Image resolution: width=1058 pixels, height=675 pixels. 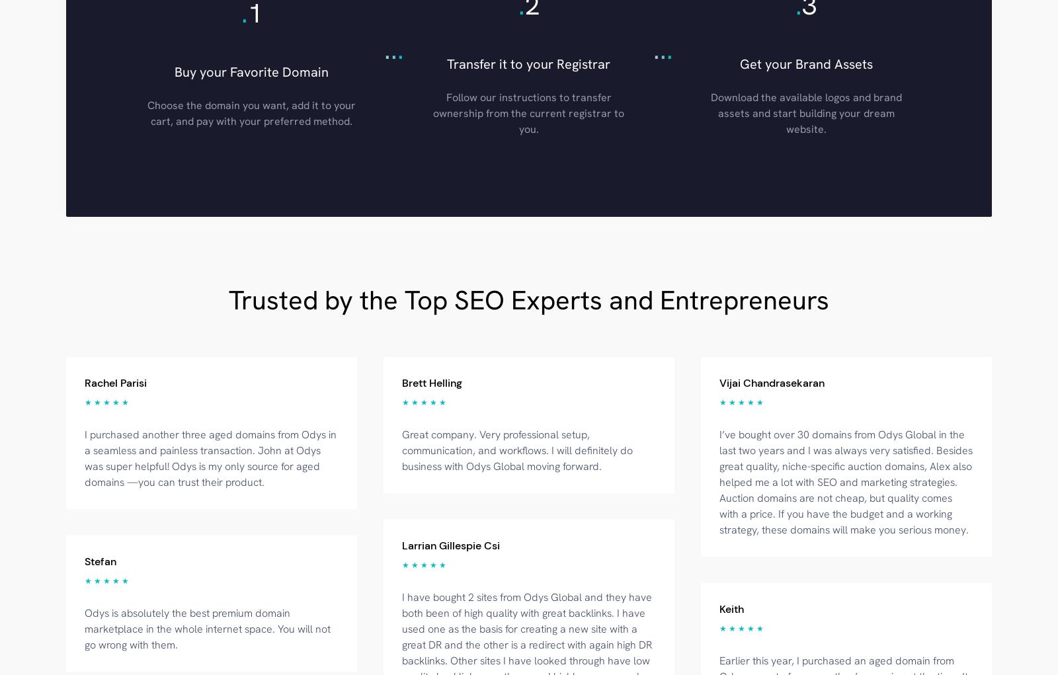 What do you see at coordinates (772, 381) in the screenshot?
I see `'Vijai Chandrasekaran'` at bounding box center [772, 381].